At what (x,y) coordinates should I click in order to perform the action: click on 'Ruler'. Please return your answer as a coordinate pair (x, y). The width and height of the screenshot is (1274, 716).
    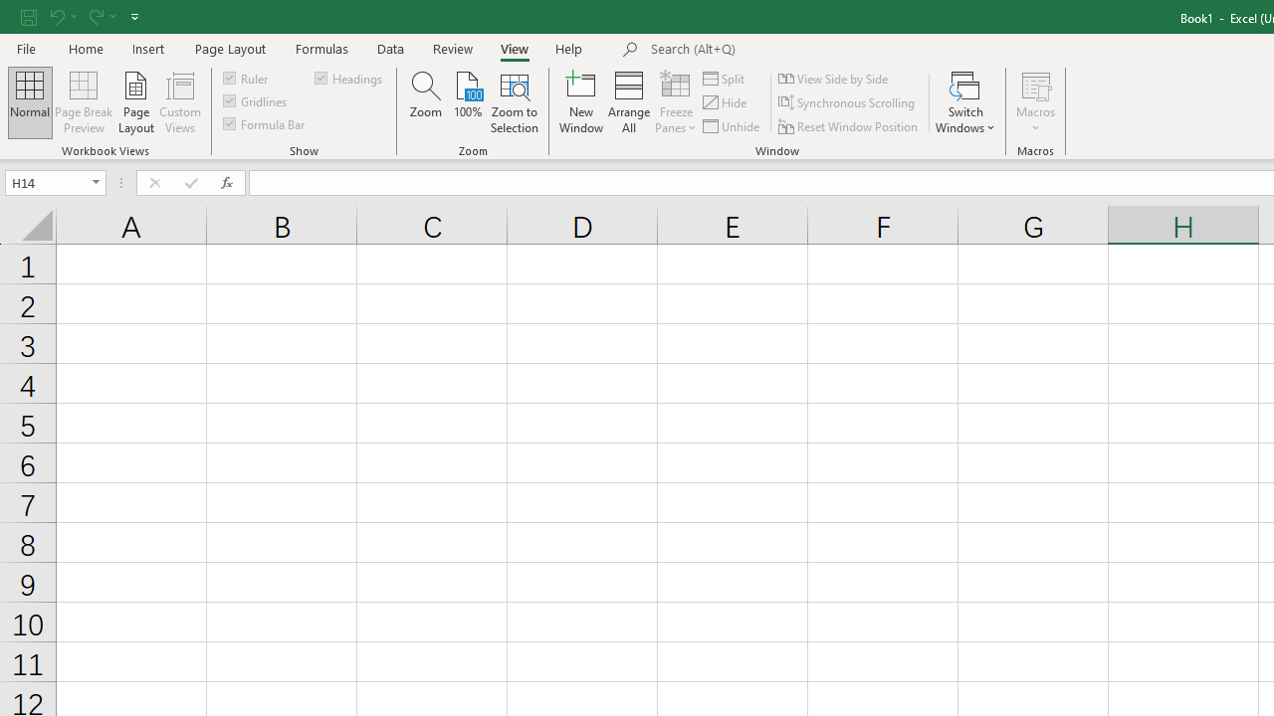
    Looking at the image, I should click on (246, 77).